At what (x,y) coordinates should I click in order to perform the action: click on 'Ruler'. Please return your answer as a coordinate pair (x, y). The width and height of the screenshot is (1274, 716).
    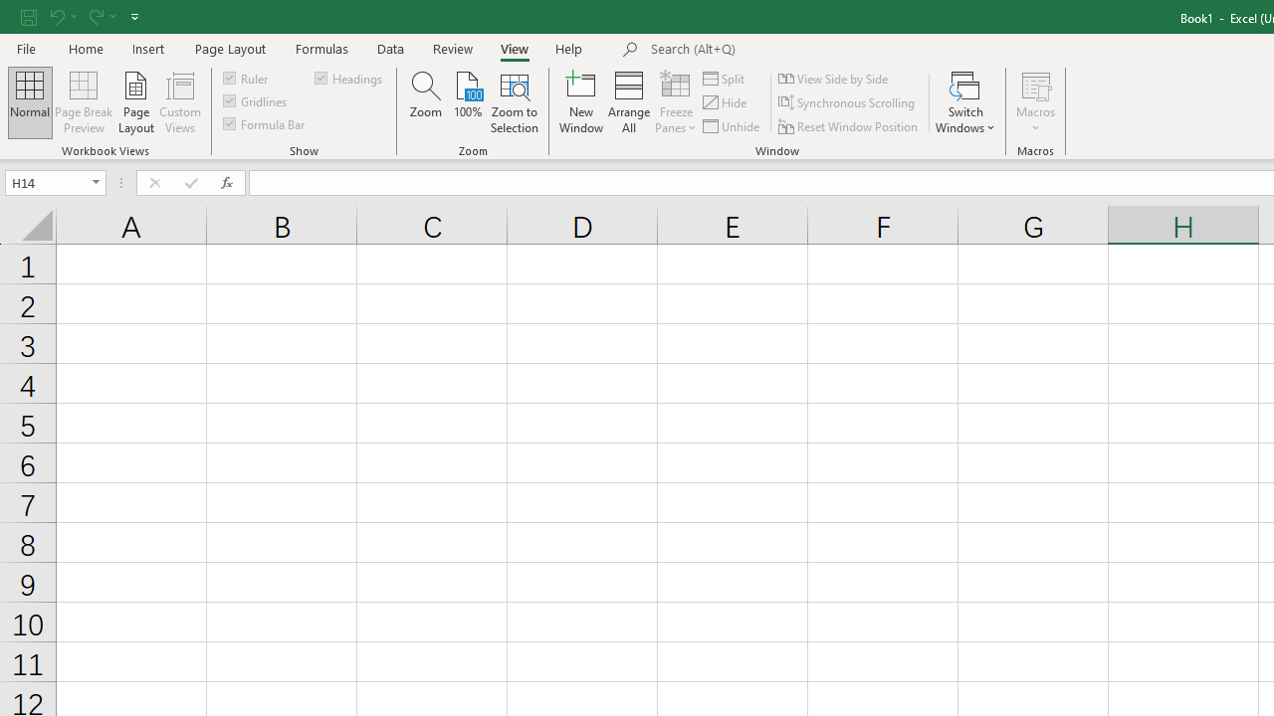
    Looking at the image, I should click on (246, 77).